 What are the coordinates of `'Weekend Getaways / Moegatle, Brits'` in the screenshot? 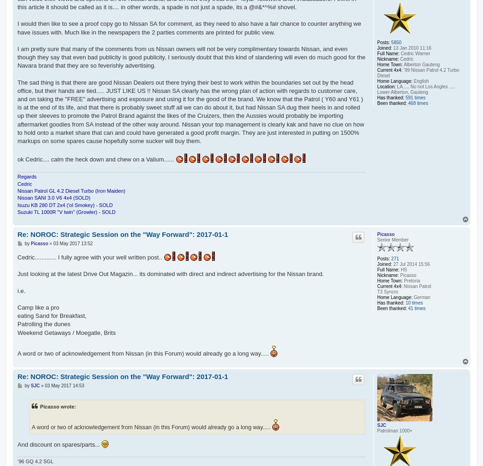 It's located at (66, 332).